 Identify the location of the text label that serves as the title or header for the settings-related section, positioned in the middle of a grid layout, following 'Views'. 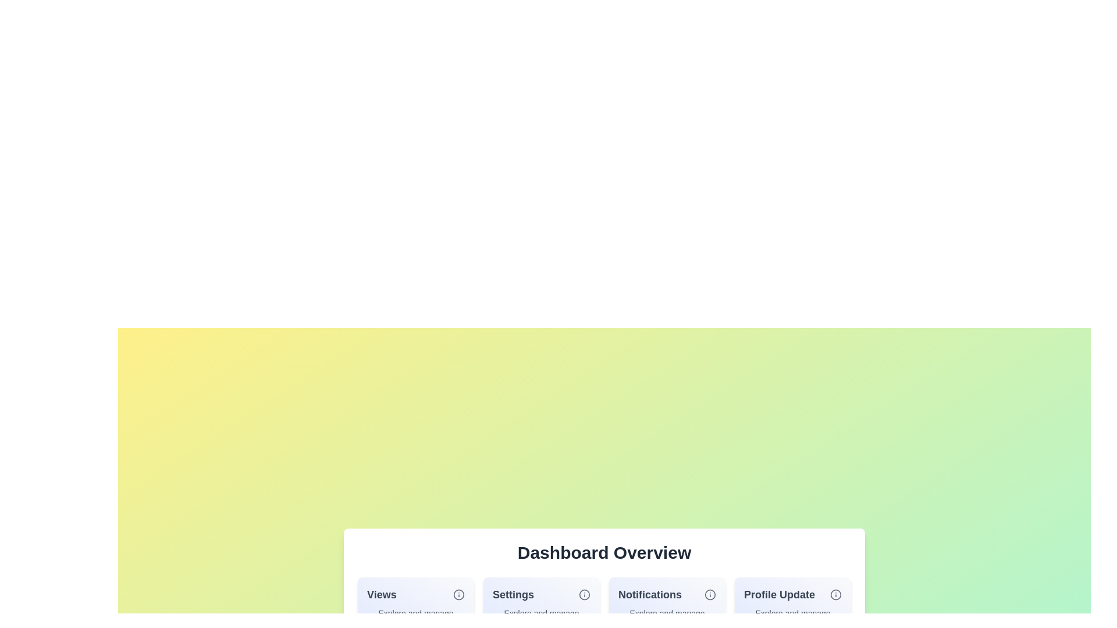
(513, 594).